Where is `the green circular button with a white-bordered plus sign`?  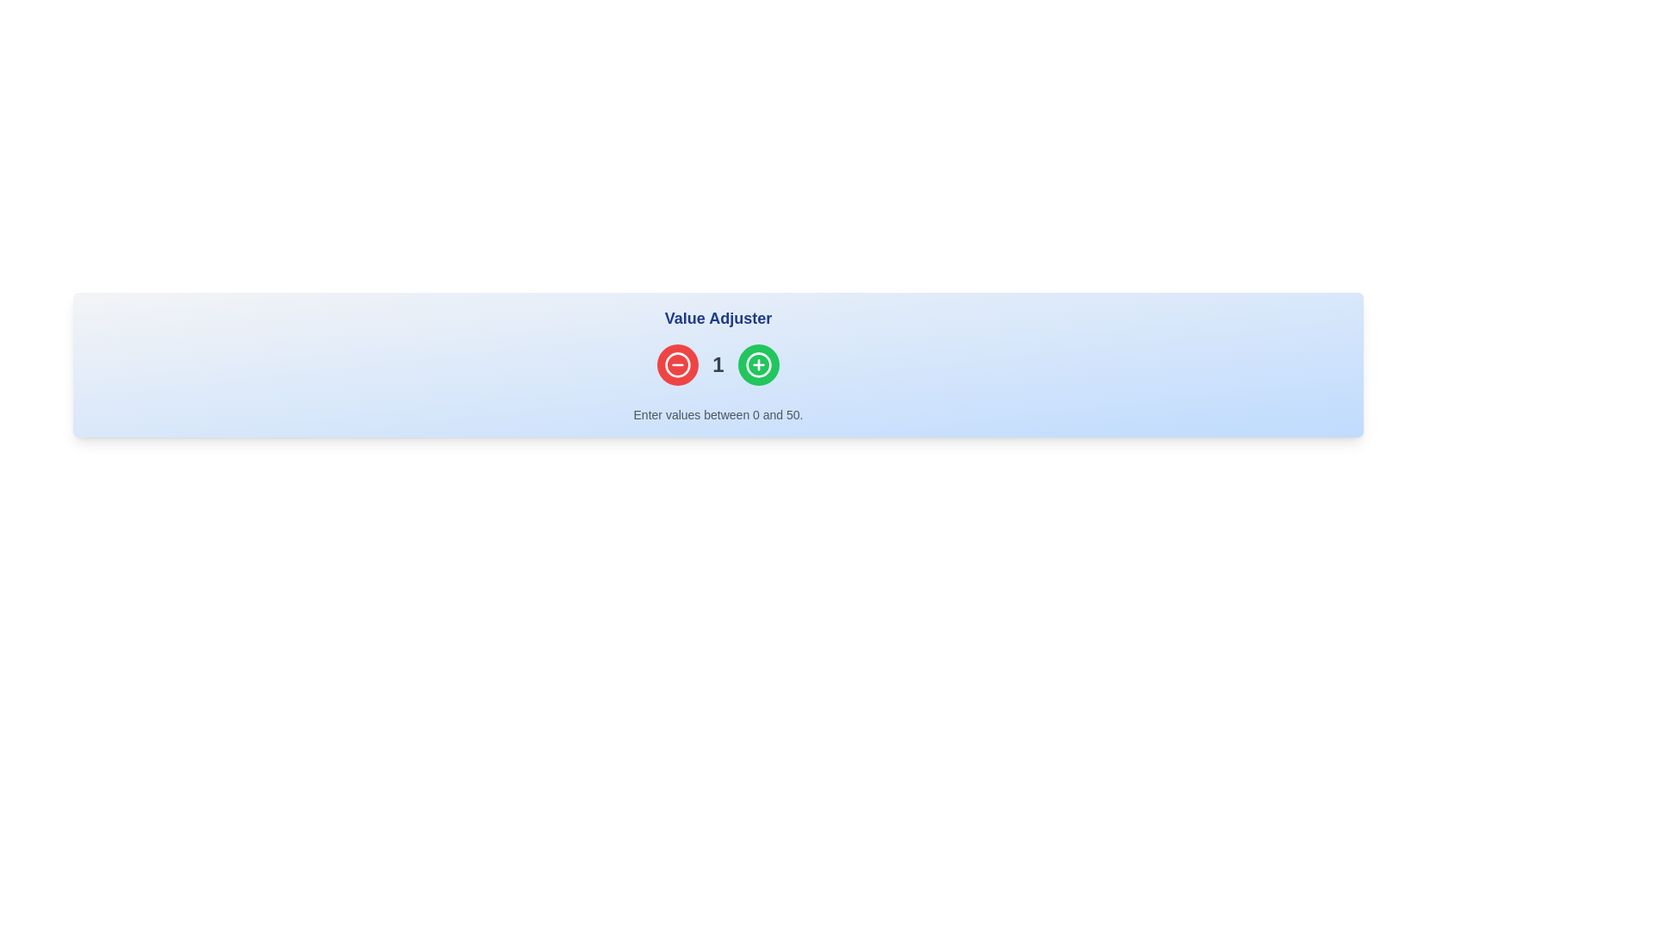 the green circular button with a white-bordered plus sign is located at coordinates (758, 364).